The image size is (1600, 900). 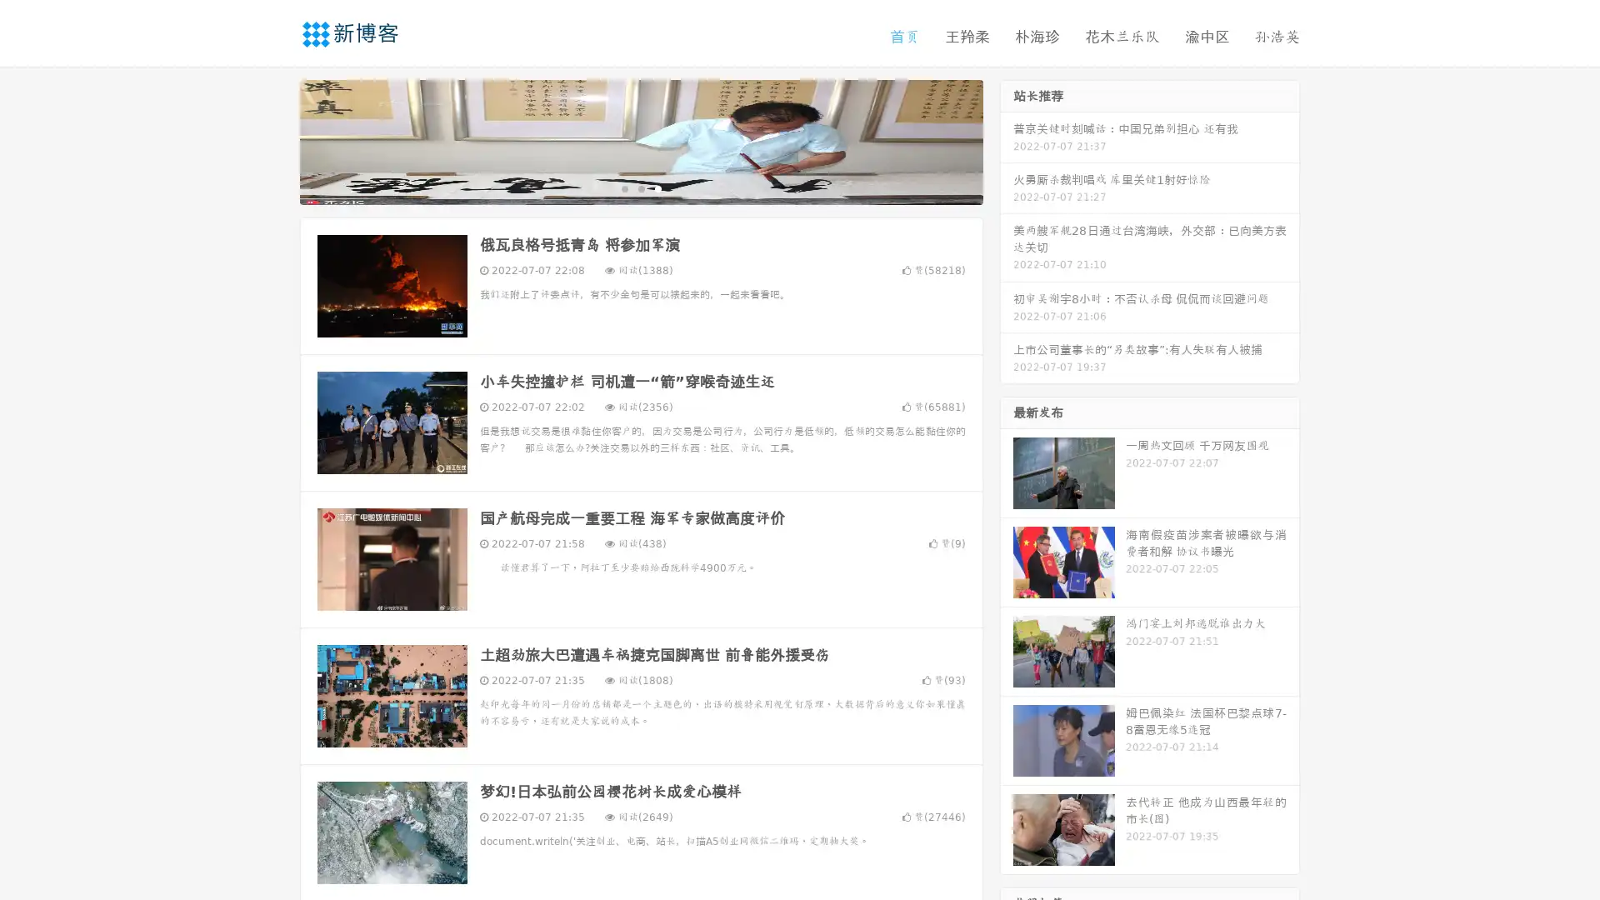 What do you see at coordinates (275, 140) in the screenshot?
I see `Previous slide` at bounding box center [275, 140].